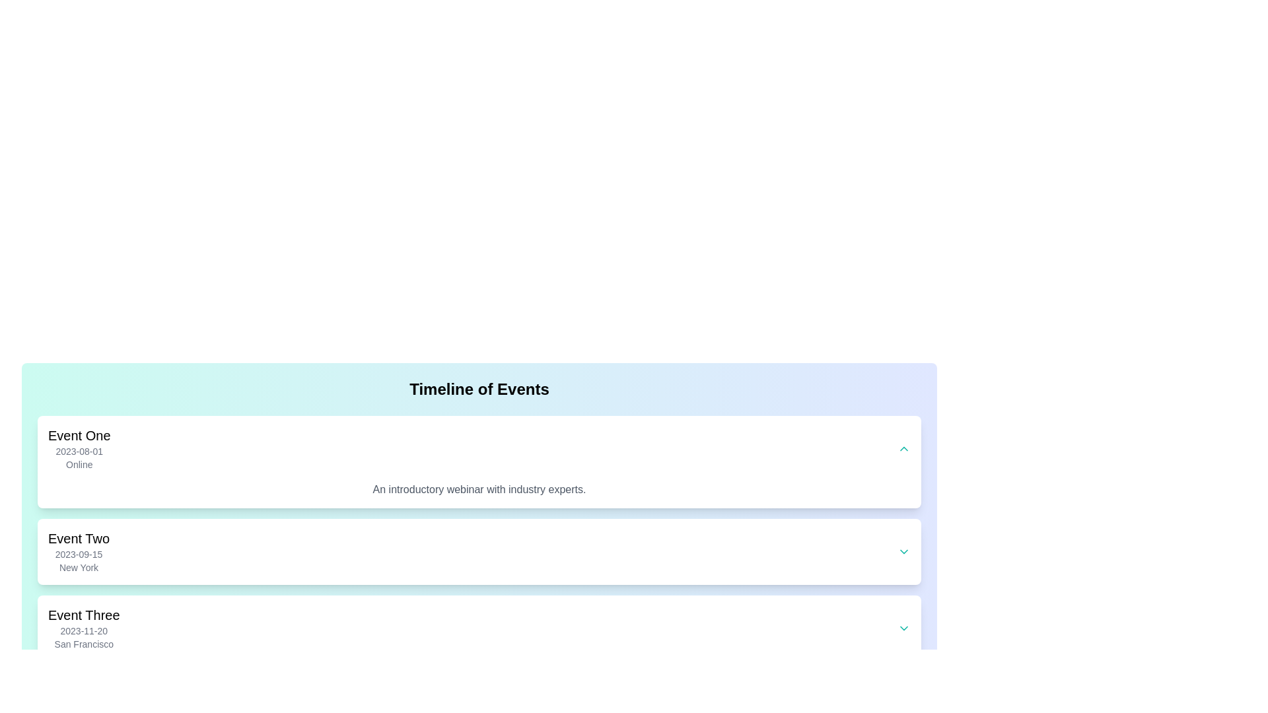  I want to click on the interactive list item titled 'Event Three', so click(478, 628).